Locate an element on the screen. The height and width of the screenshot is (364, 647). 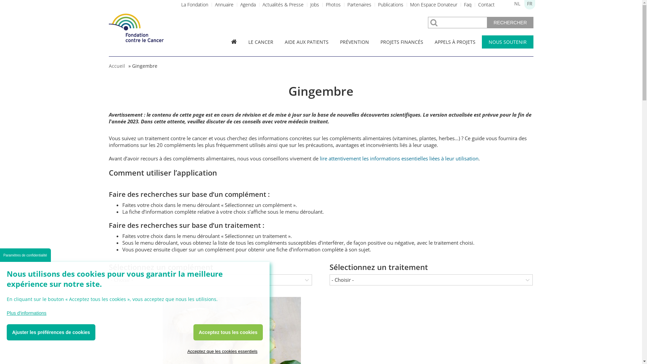
'HOME' is located at coordinates (234, 41).